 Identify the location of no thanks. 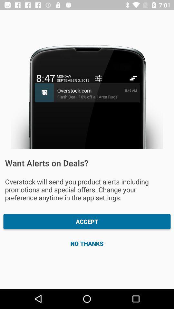
(87, 243).